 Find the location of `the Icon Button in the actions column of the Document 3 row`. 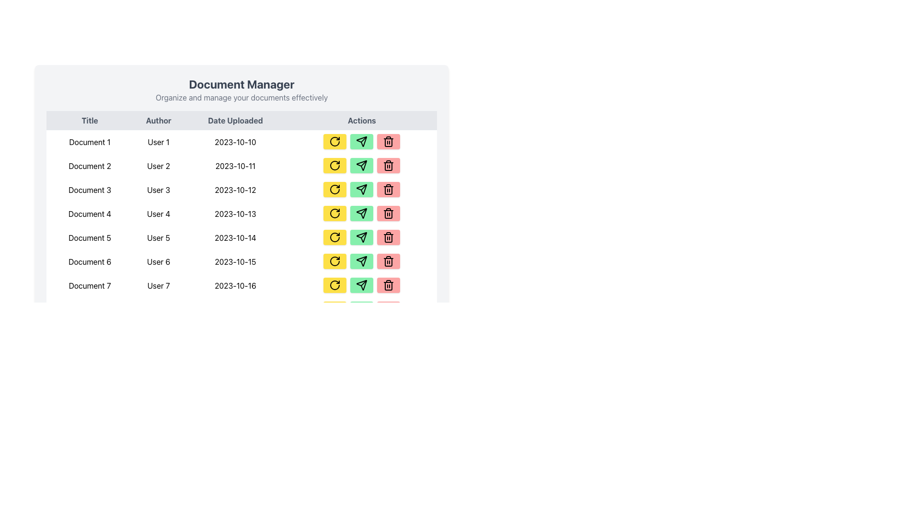

the Icon Button in the actions column of the Document 3 row is located at coordinates (361, 142).